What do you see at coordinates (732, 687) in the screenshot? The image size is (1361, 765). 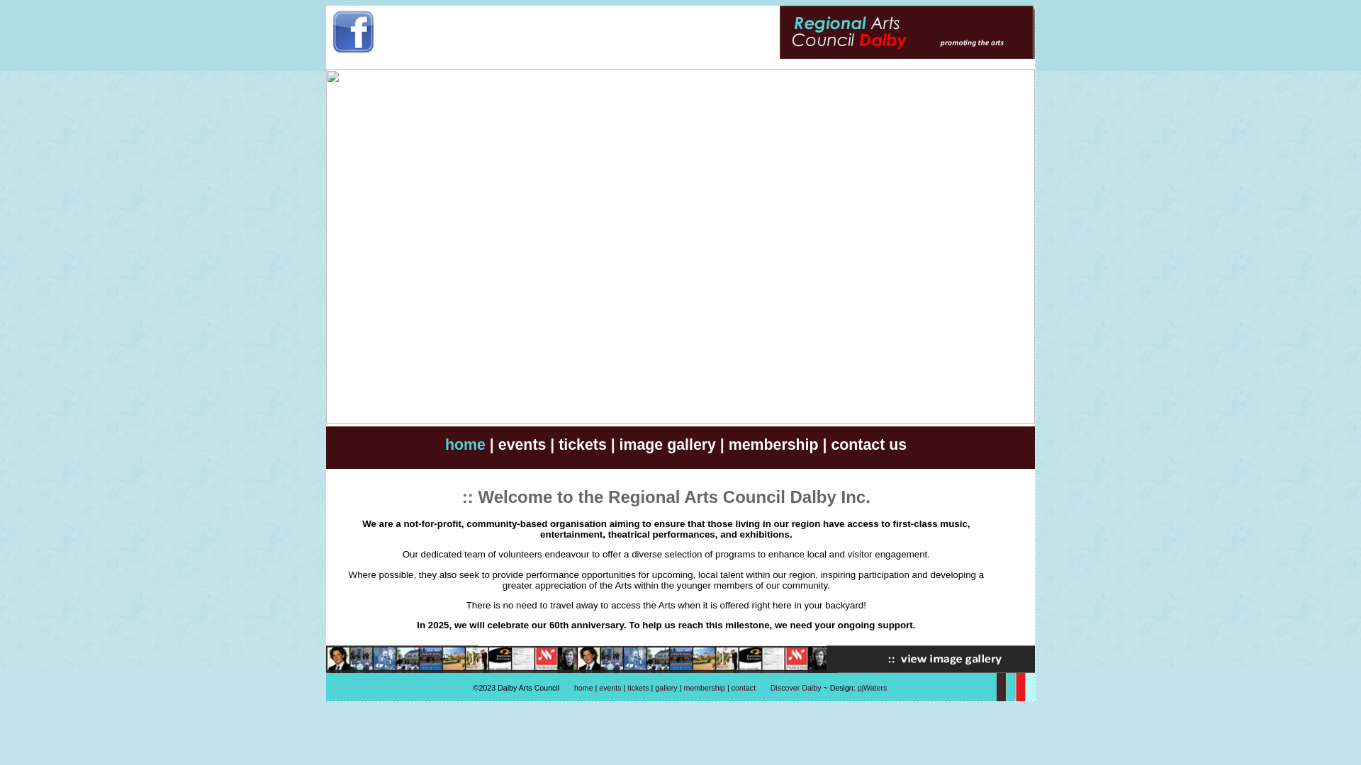 I see `'contact'` at bounding box center [732, 687].